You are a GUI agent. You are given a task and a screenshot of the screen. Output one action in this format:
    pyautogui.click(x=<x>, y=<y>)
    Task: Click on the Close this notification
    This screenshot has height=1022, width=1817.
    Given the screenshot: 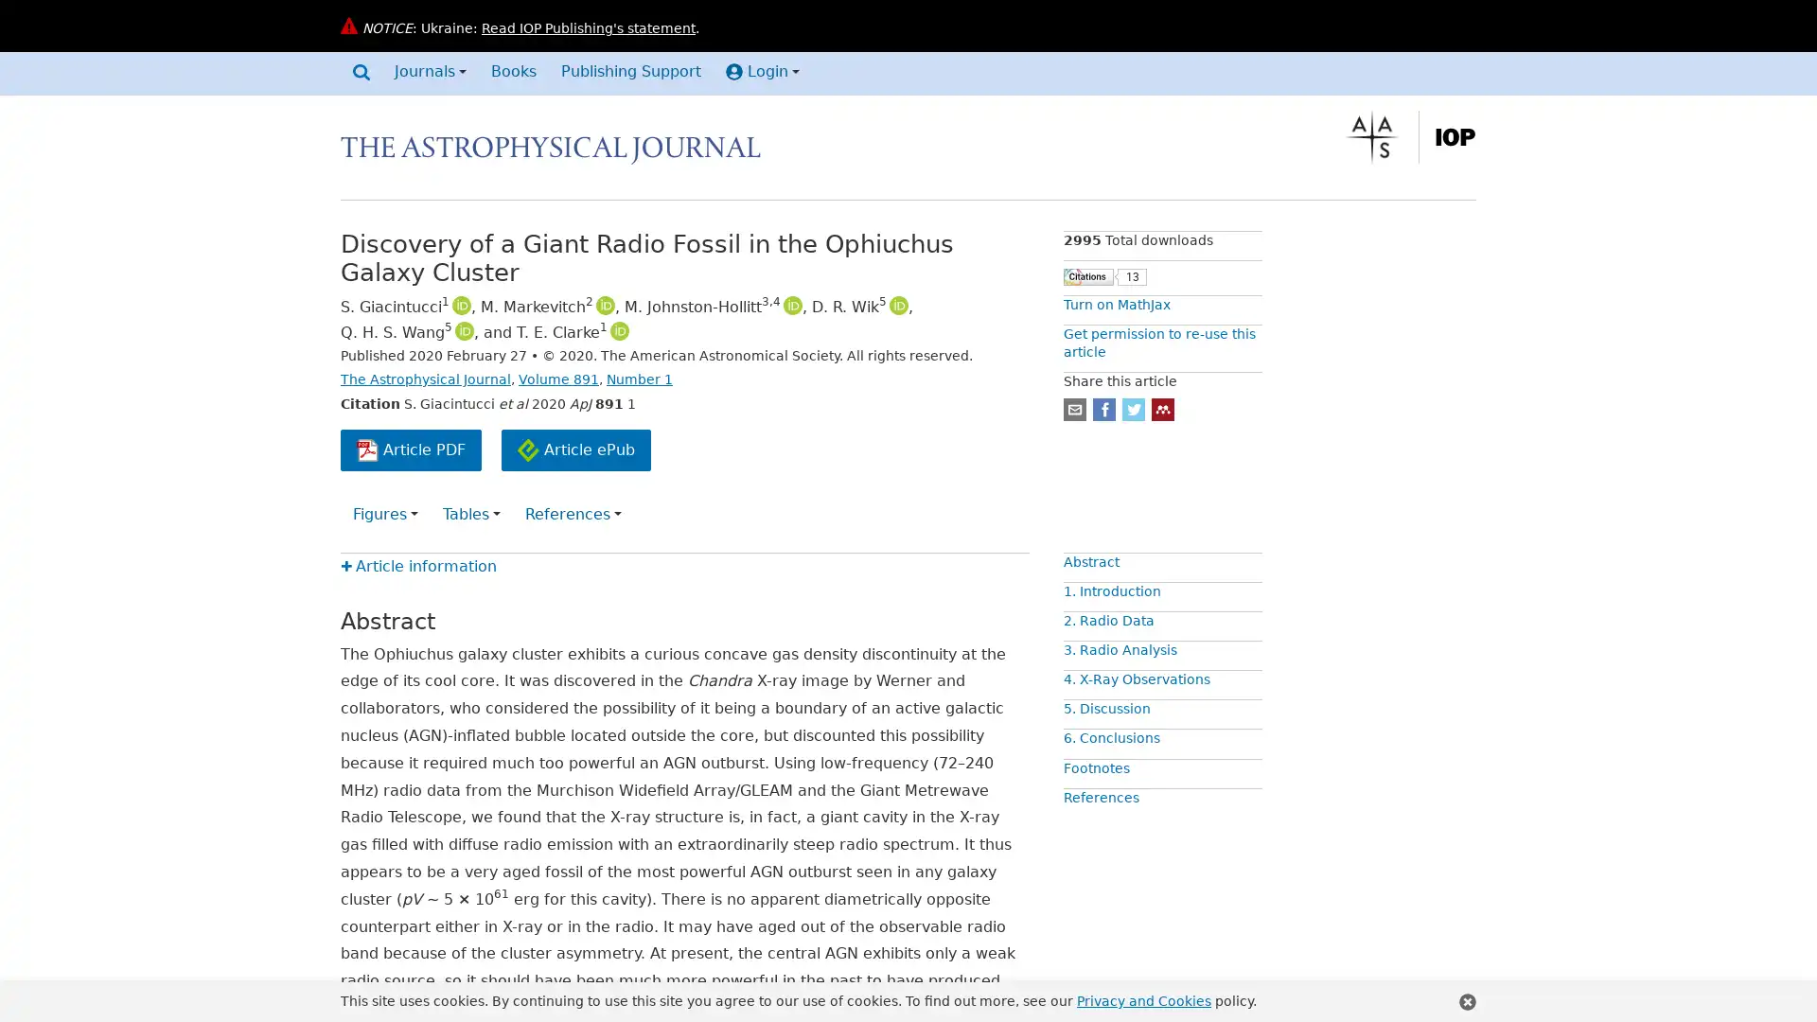 What is the action you would take?
    pyautogui.click(x=1466, y=1001)
    